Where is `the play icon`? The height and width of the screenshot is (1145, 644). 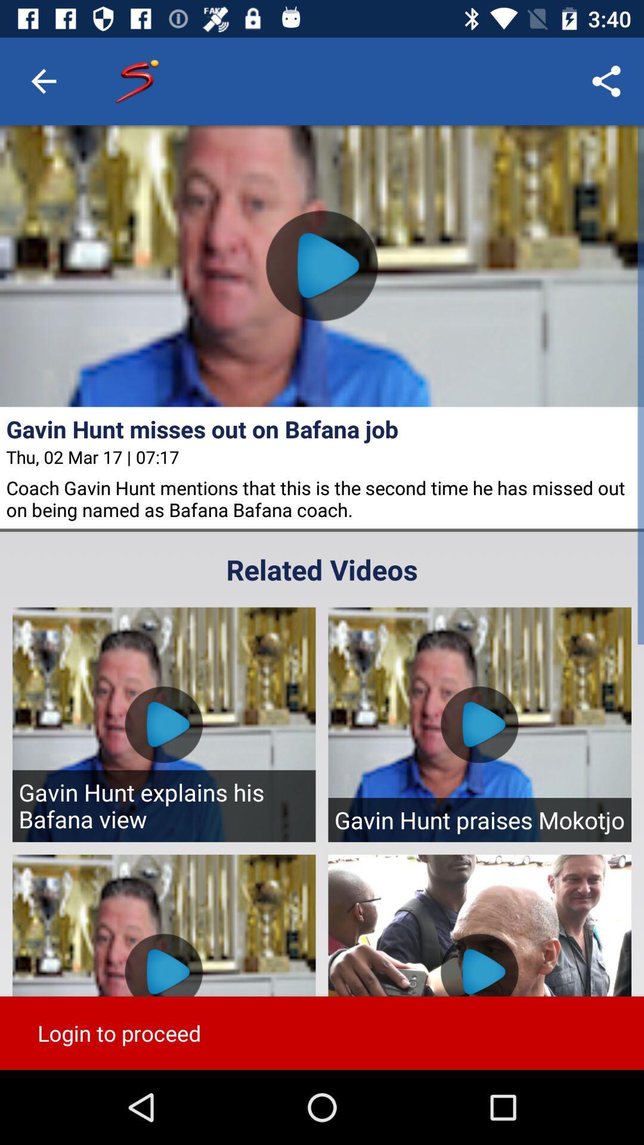
the play icon is located at coordinates (322, 265).